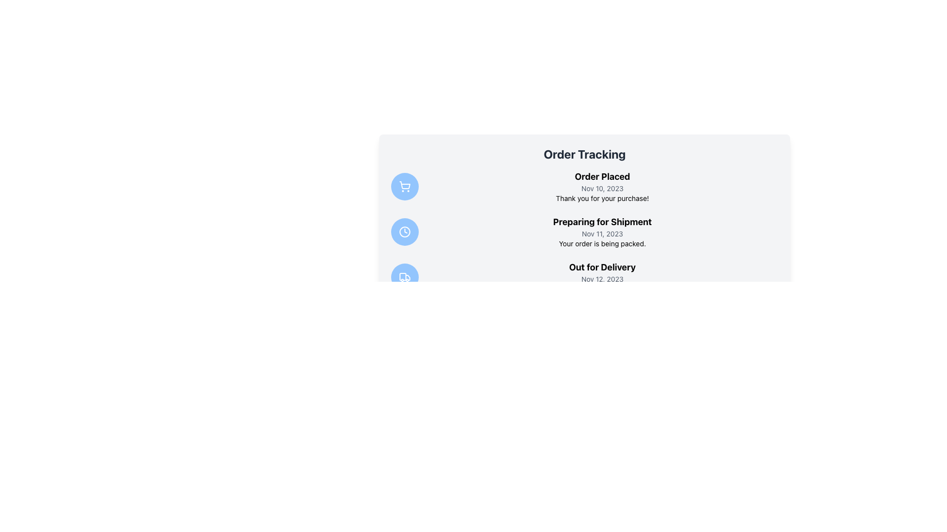 Image resolution: width=947 pixels, height=532 pixels. Describe the element at coordinates (404, 277) in the screenshot. I see `the truck icon in the left sidebar, which features a white truck on a light blue circular background, positioned below the shopping cart and clock icons` at that location.